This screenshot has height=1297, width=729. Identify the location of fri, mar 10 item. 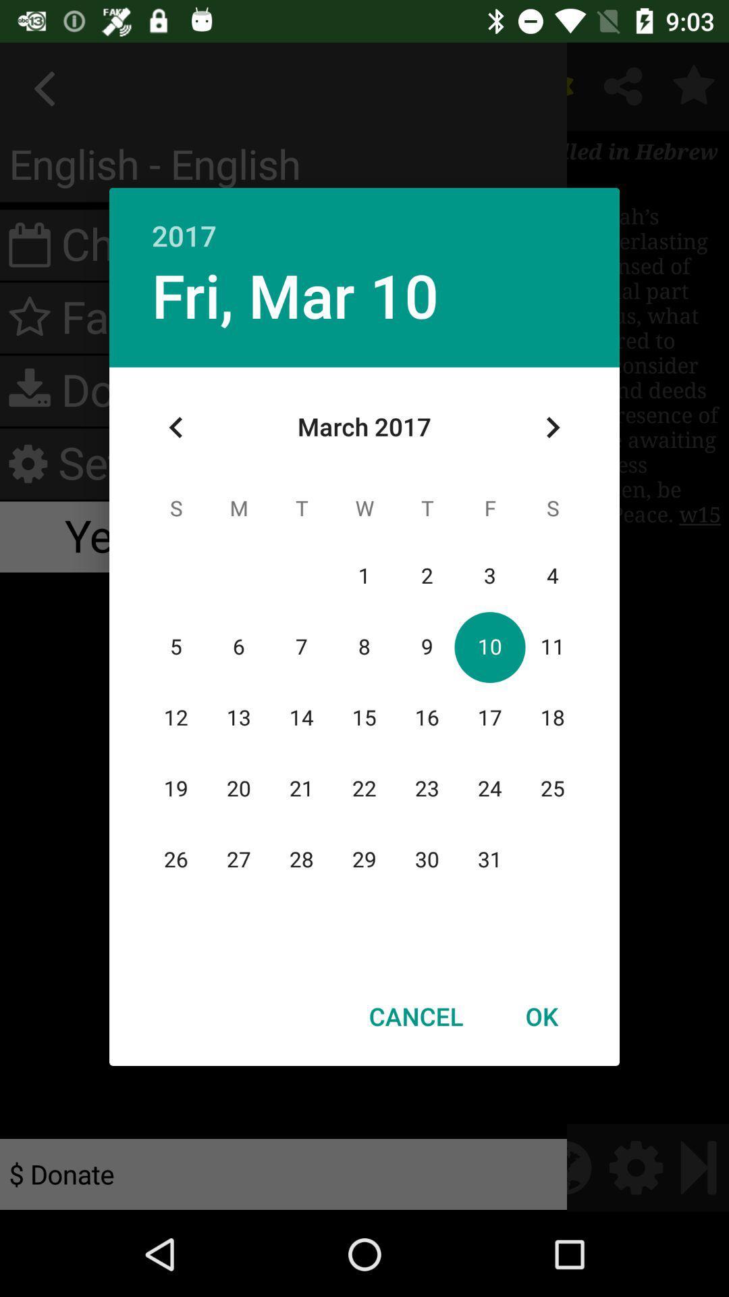
(294, 294).